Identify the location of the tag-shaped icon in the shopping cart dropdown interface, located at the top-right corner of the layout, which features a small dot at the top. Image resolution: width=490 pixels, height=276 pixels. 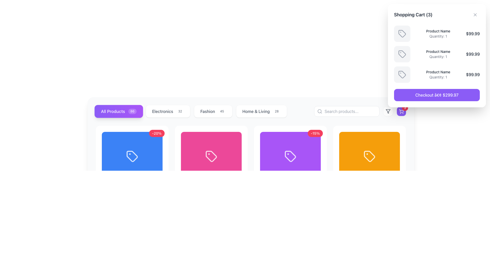
(402, 33).